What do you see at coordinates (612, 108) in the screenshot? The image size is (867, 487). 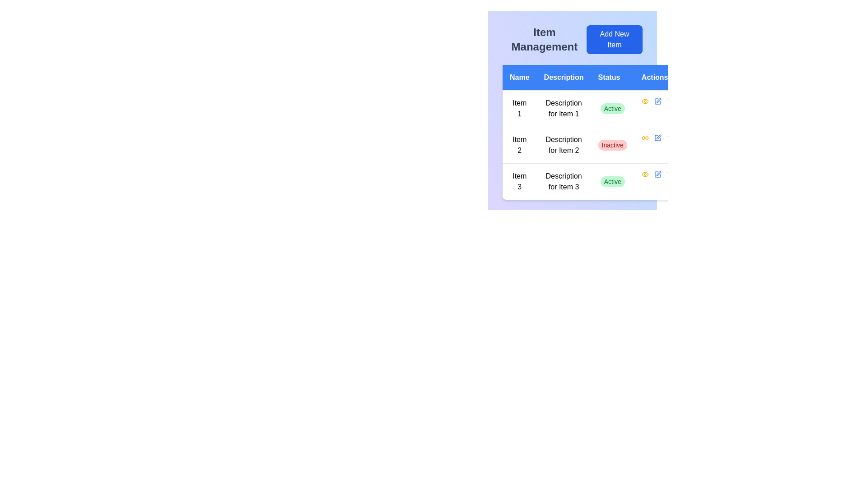 I see `the 'Active' status label, which is a pill-shaped label with a green background and dark green text, located in the 'Status' column of the first row in a table-like layout` at bounding box center [612, 108].